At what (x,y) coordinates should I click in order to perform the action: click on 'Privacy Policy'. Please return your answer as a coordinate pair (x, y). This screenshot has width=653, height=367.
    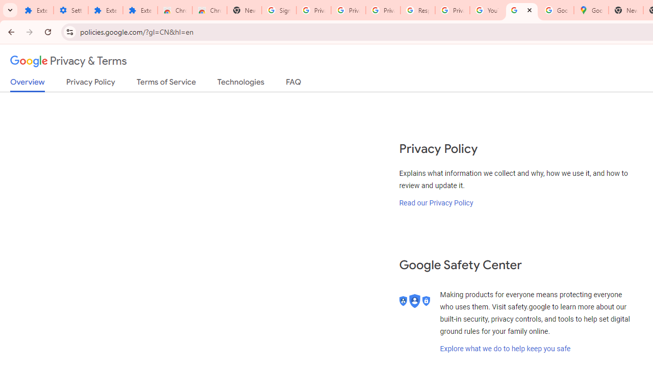
    Looking at the image, I should click on (90, 84).